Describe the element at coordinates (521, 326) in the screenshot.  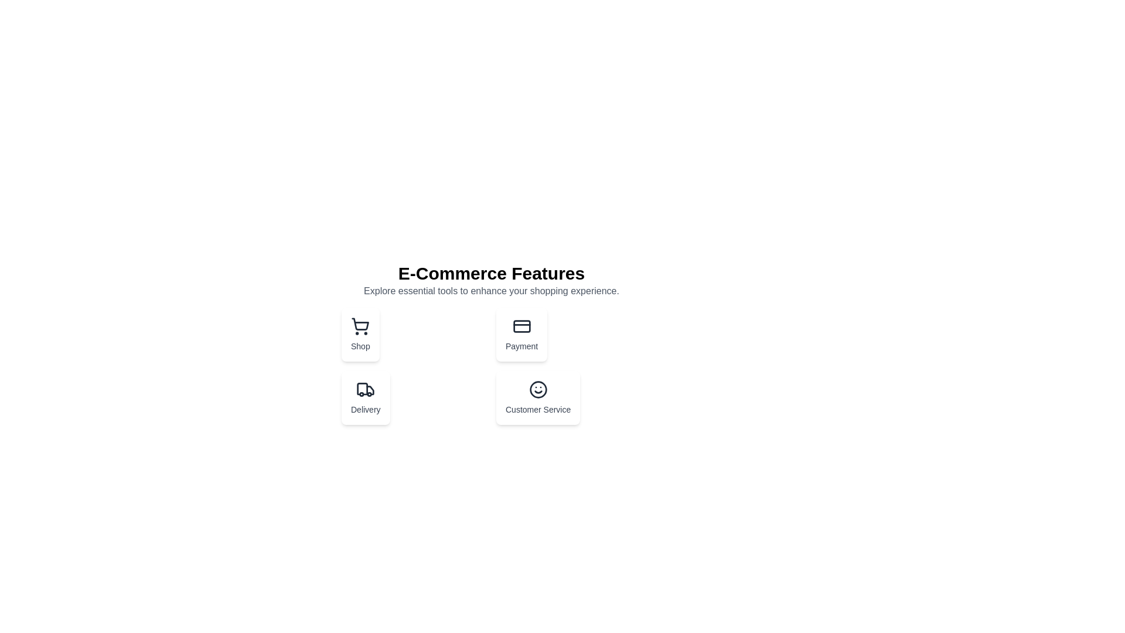
I see `the 'Payment' card that contains the credit card icon, which is styled with a minimalistic design and located in the top-right quadrant of the grid layout` at that location.